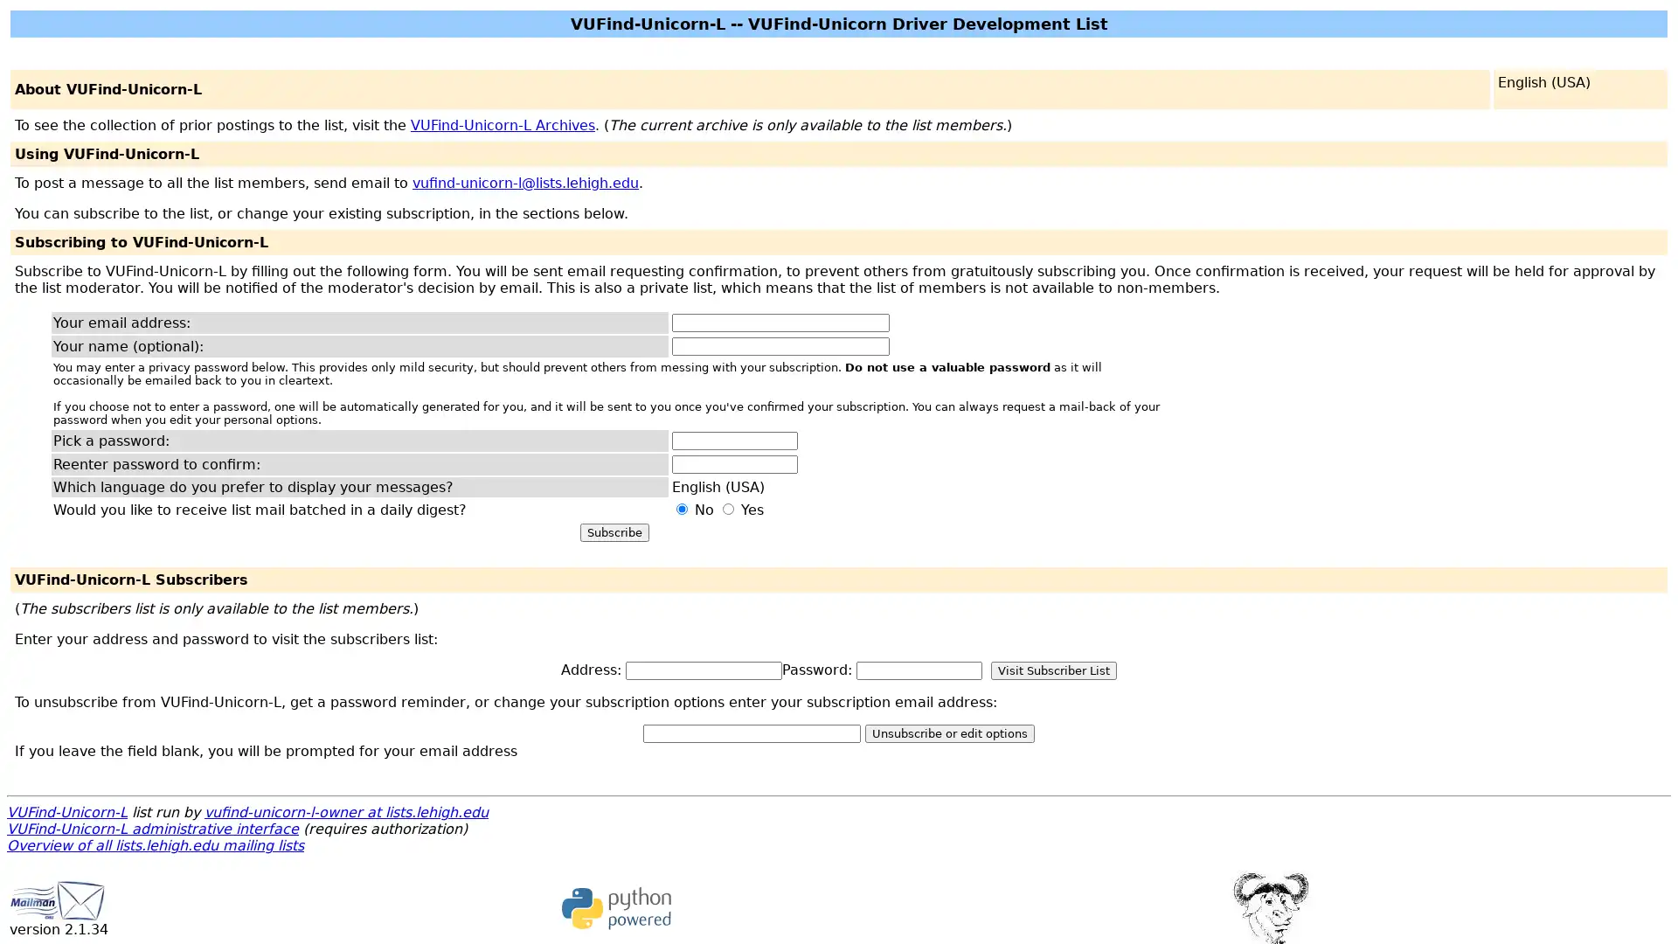 This screenshot has width=1678, height=944. I want to click on Unsubscribe or edit options, so click(948, 733).